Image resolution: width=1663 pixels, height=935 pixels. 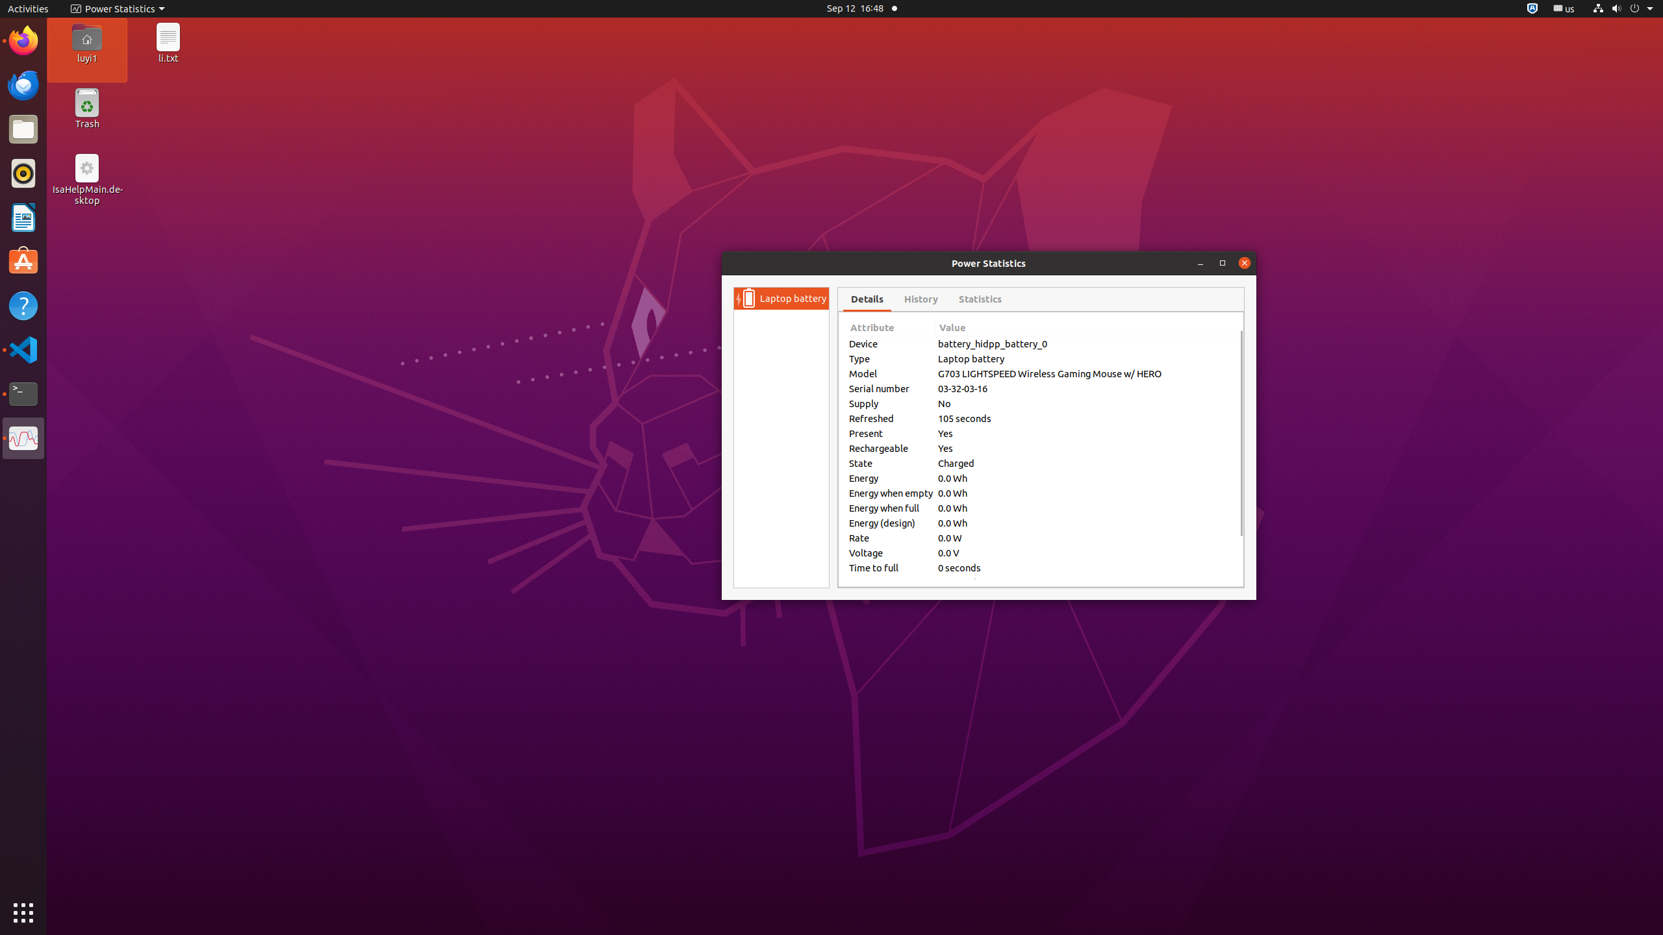 I want to click on 'Energy (design)', so click(x=890, y=522).